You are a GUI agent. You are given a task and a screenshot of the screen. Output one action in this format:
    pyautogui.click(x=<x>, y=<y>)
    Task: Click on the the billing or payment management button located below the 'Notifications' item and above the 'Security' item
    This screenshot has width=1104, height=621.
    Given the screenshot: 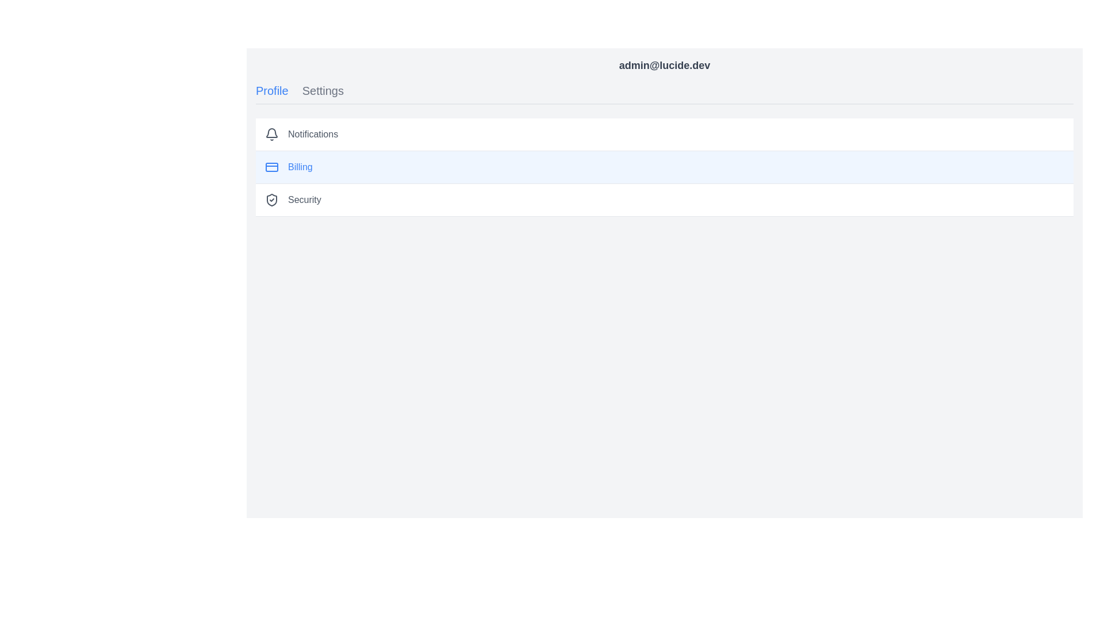 What is the action you would take?
    pyautogui.click(x=665, y=167)
    